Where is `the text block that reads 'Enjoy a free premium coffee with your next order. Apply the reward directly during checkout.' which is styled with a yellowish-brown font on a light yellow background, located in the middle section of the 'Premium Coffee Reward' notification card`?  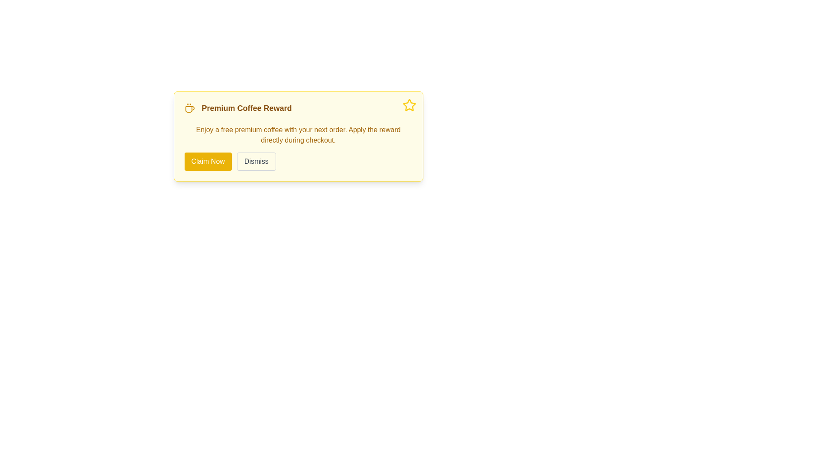
the text block that reads 'Enjoy a free premium coffee with your next order. Apply the reward directly during checkout.' which is styled with a yellowish-brown font on a light yellow background, located in the middle section of the 'Premium Coffee Reward' notification card is located at coordinates (298, 135).